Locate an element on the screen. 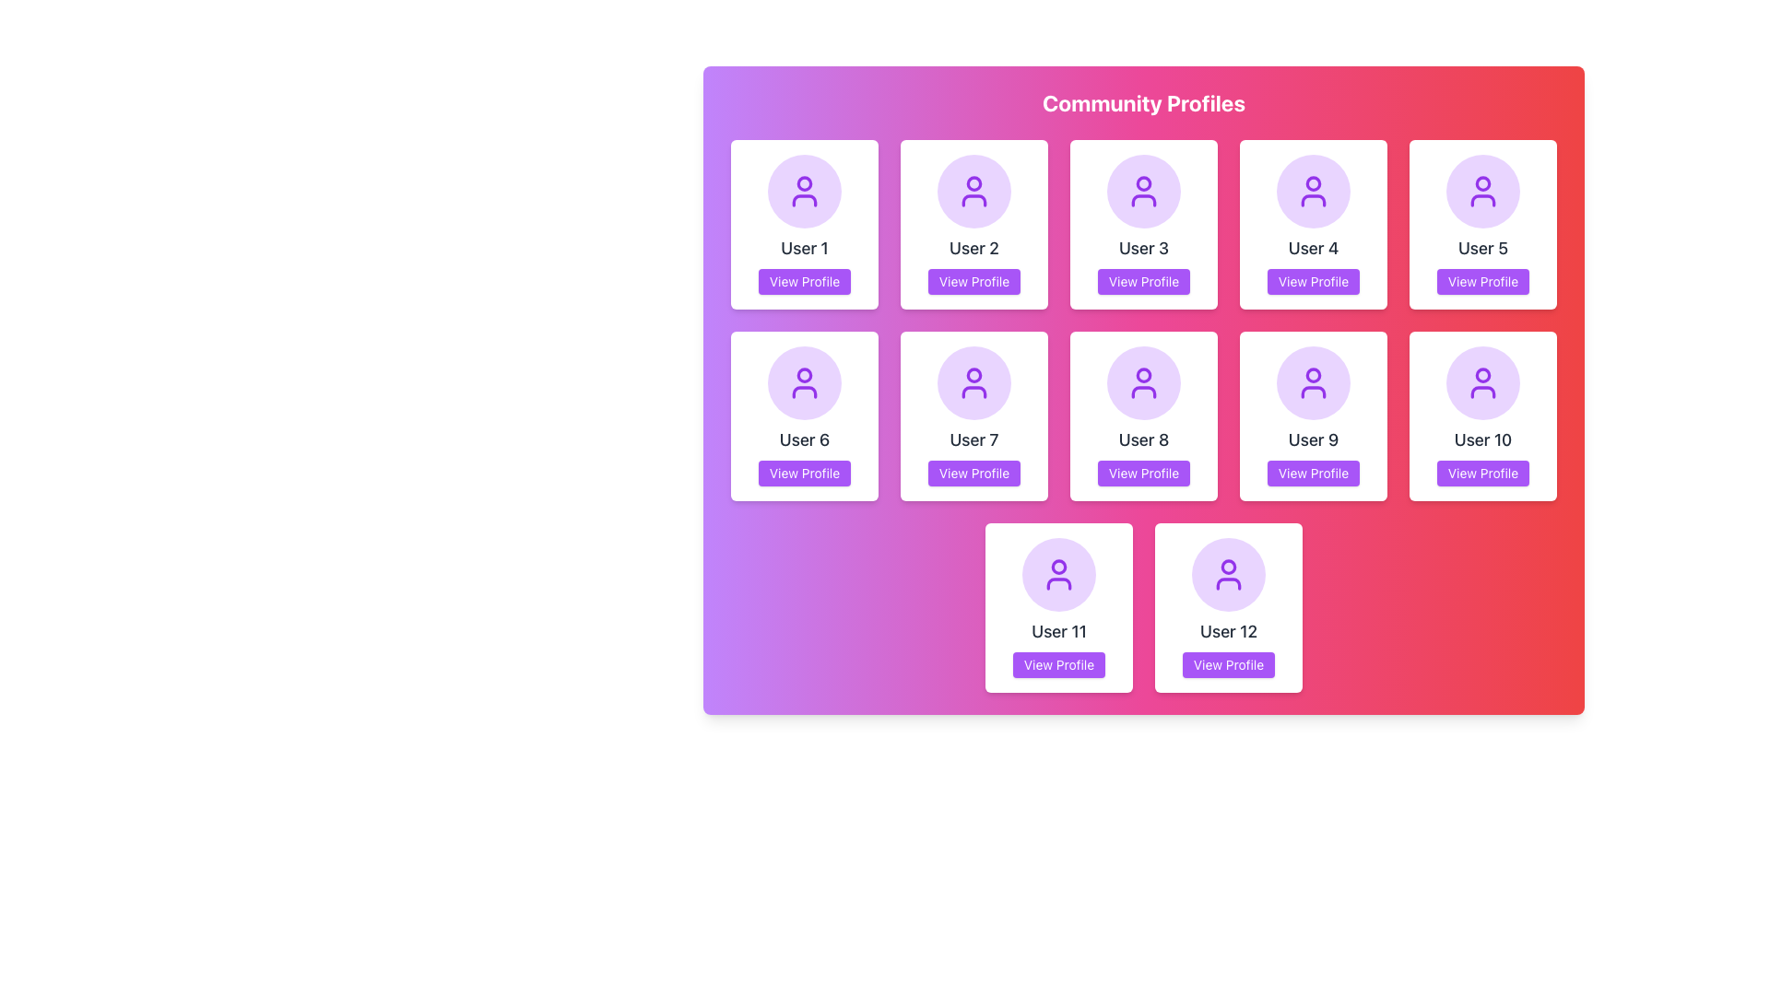  the user profile card for 'User 9' in the third row, first column of the Community Profiles panel is located at coordinates (1313, 416).